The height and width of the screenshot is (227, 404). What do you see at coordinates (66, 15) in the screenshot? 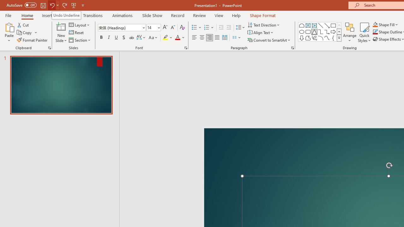
I see `'Undo Underline'` at bounding box center [66, 15].